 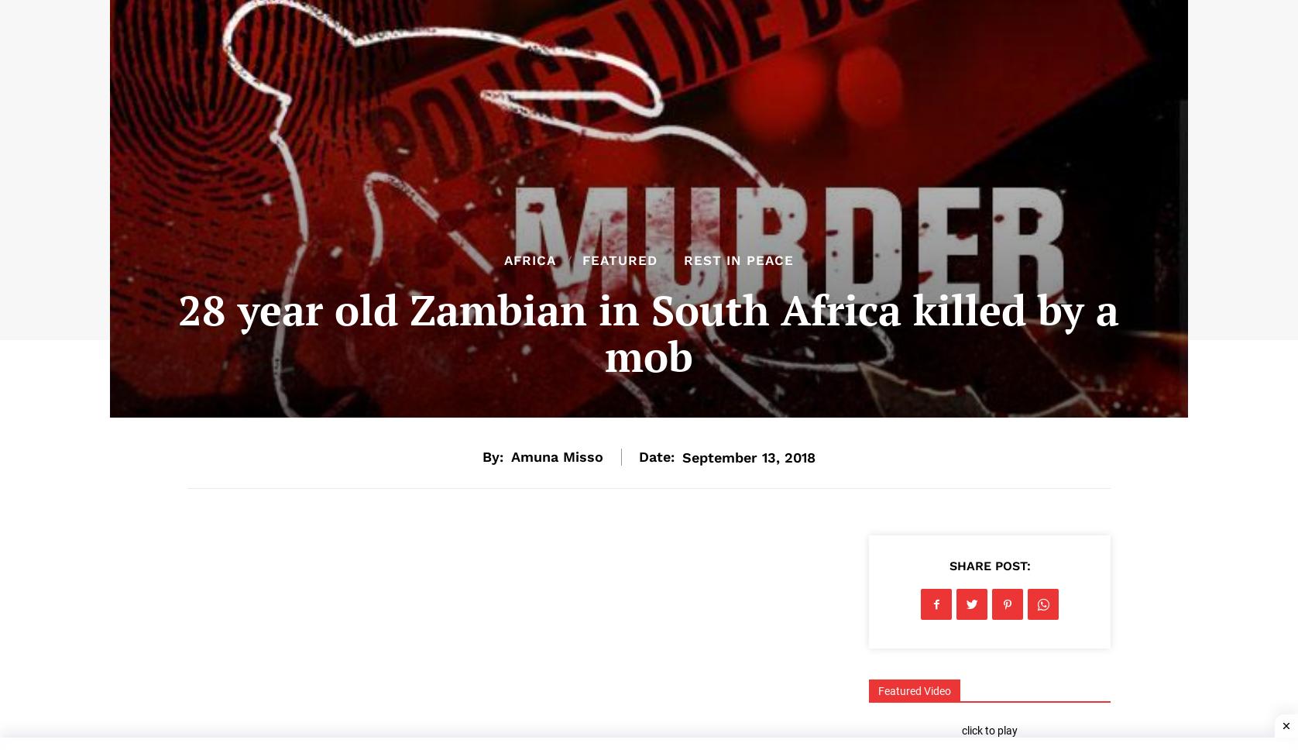 What do you see at coordinates (619, 260) in the screenshot?
I see `'Featured'` at bounding box center [619, 260].